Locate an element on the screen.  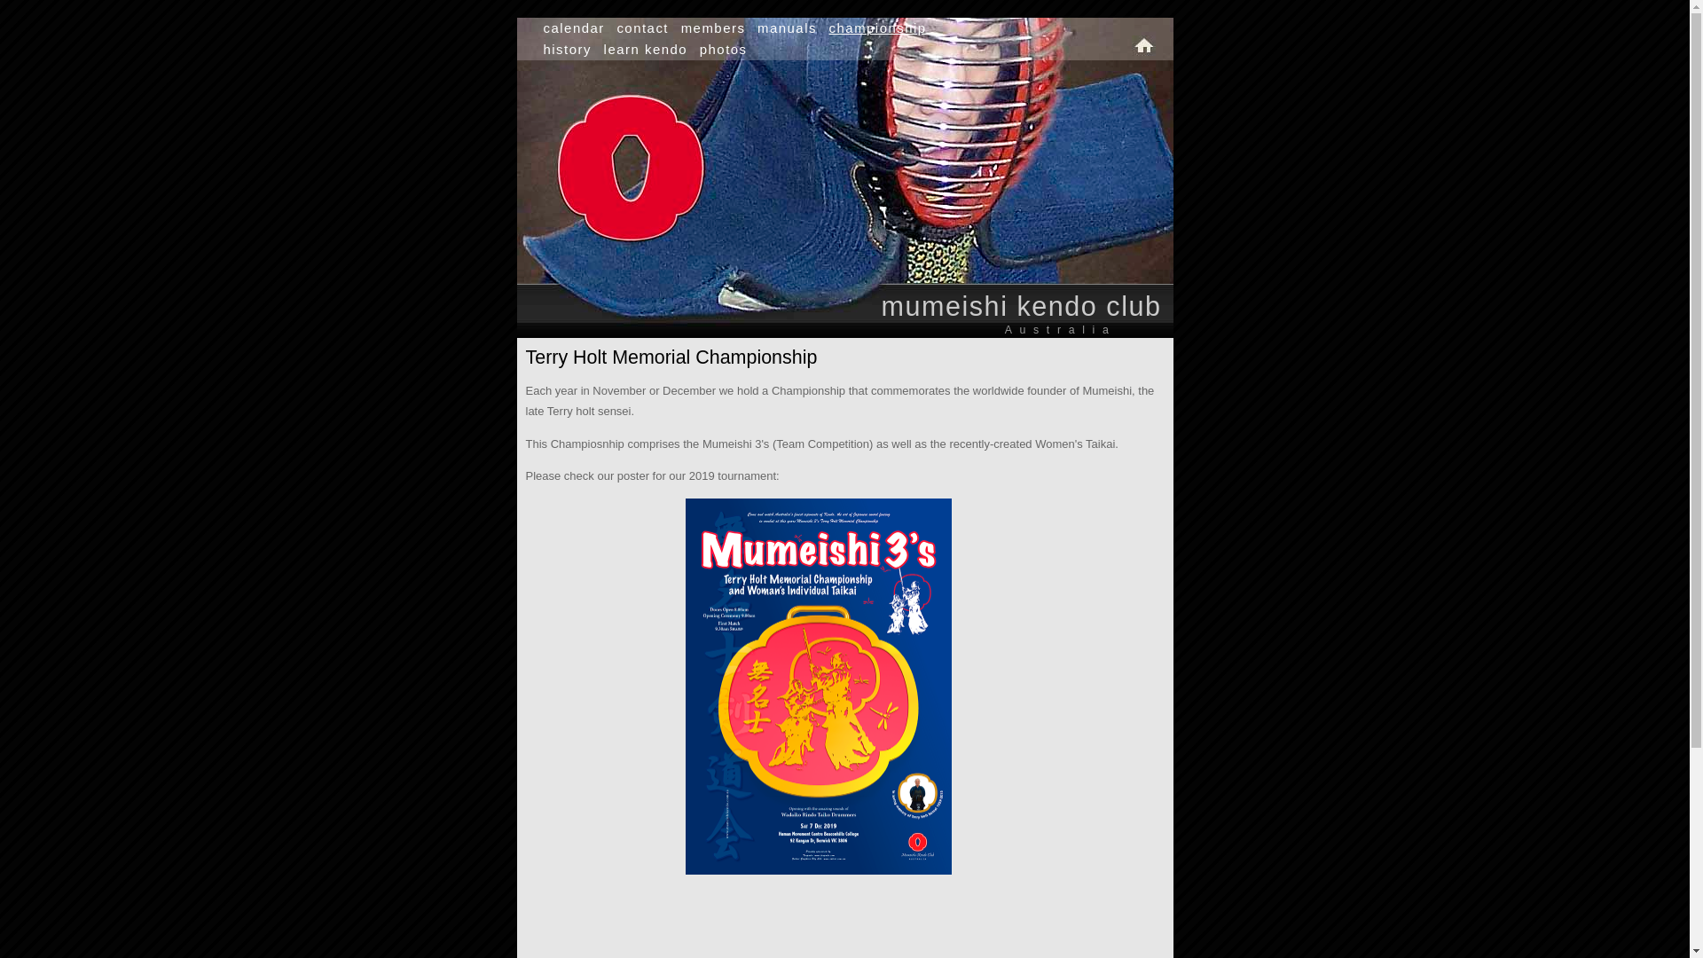
'manuals' is located at coordinates (757, 27).